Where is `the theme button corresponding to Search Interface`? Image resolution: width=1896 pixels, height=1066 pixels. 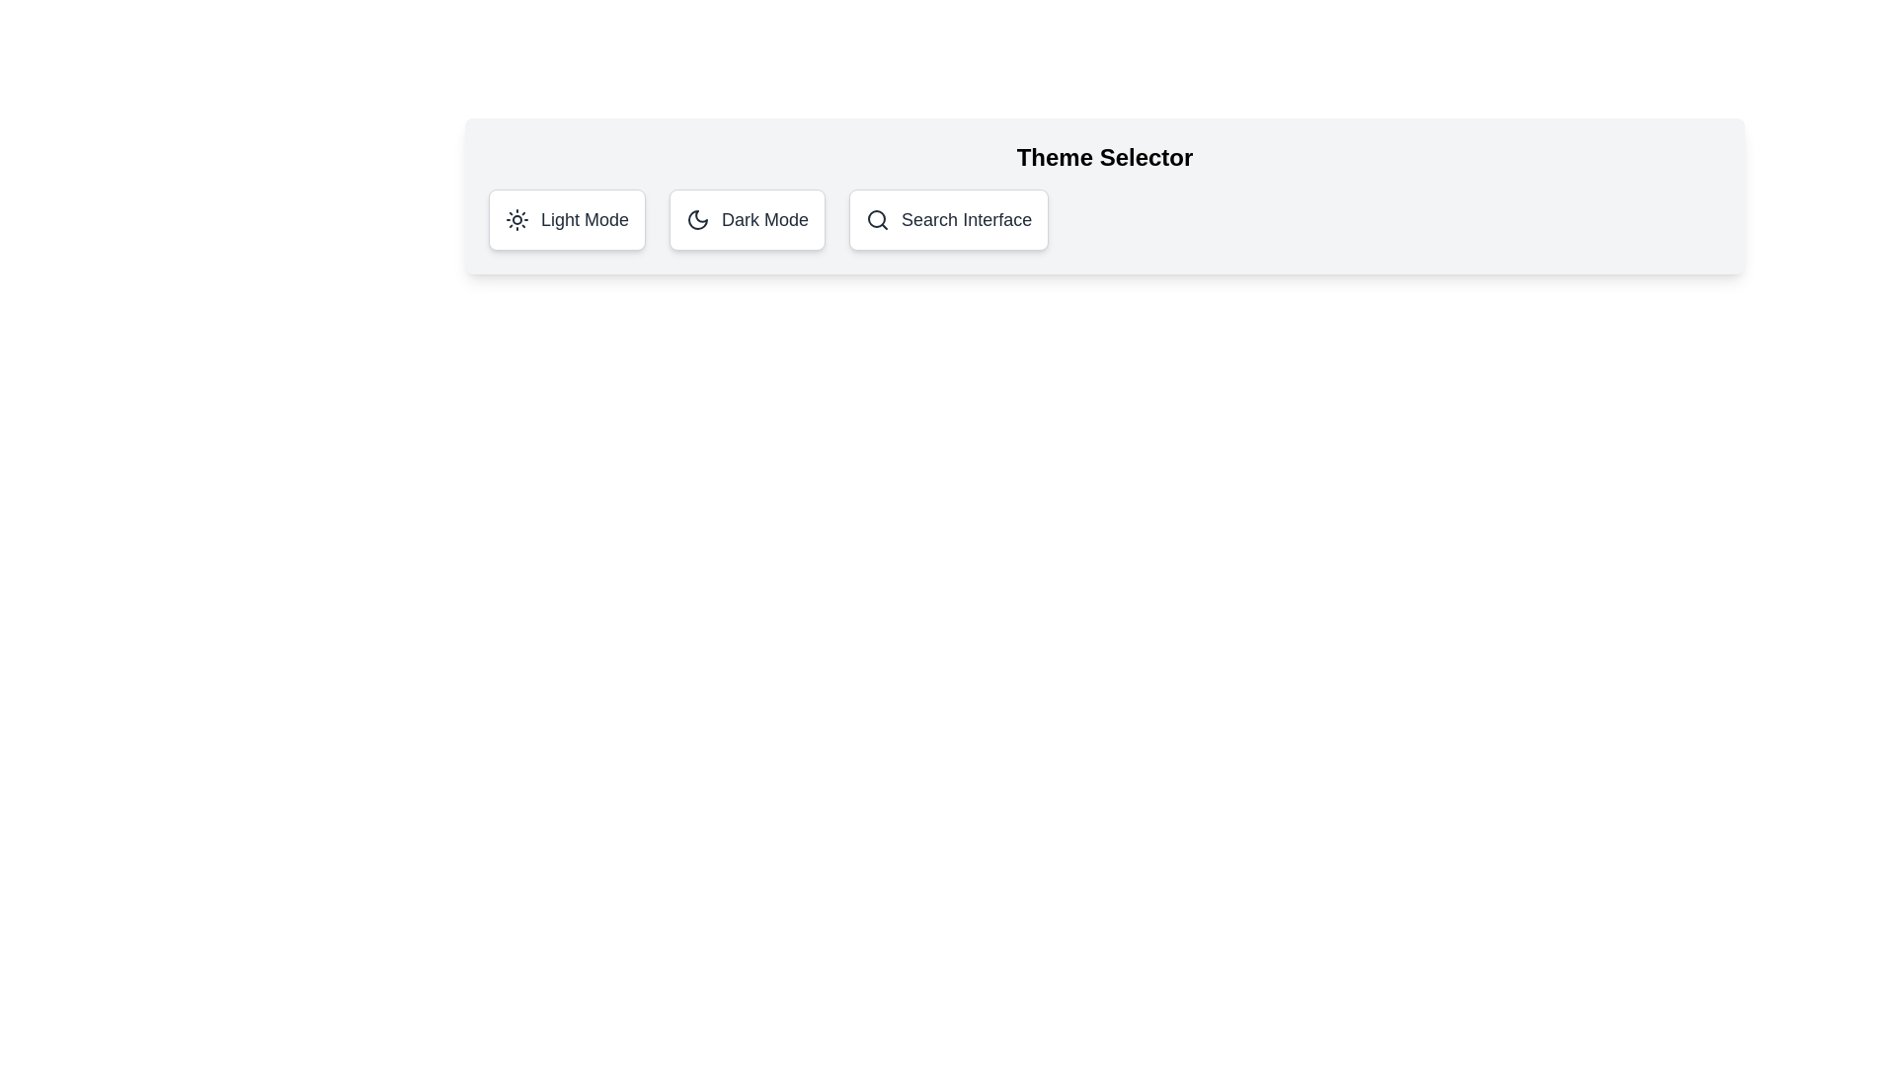
the theme button corresponding to Search Interface is located at coordinates (948, 220).